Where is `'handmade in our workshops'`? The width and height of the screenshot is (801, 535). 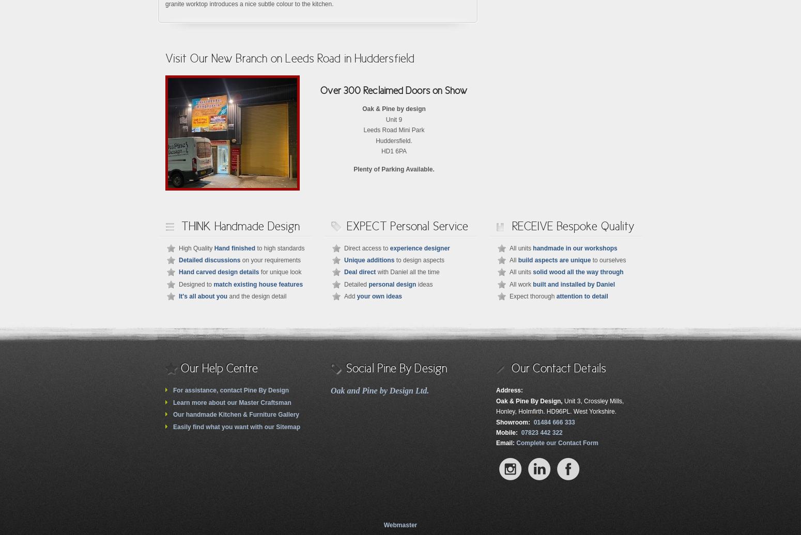 'handmade in our workshops' is located at coordinates (574, 247).